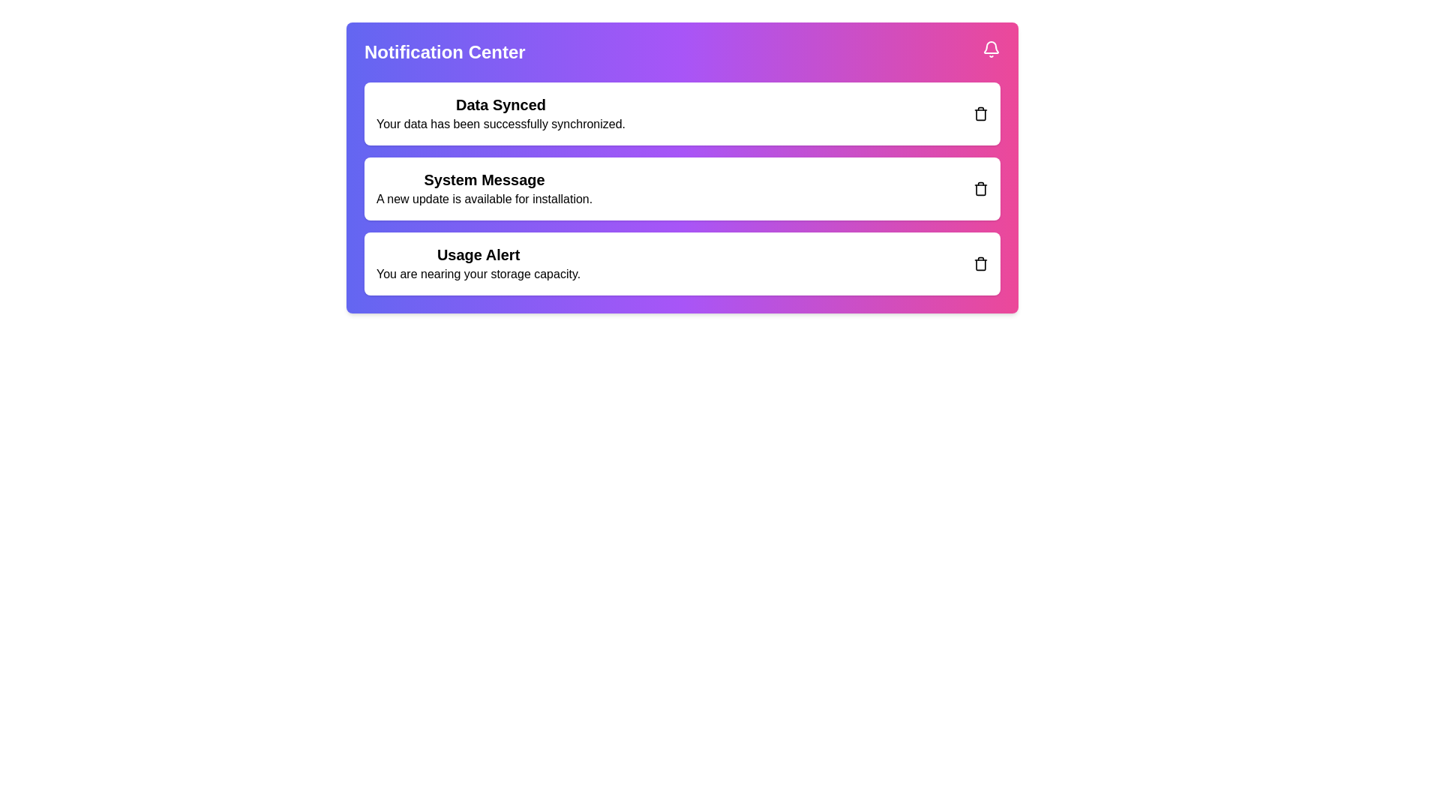 Image resolution: width=1440 pixels, height=810 pixels. I want to click on the Text Display that informs the user about nearly full storage capacity, located below the heading 'Usage Alert' in the notification card, so click(478, 274).